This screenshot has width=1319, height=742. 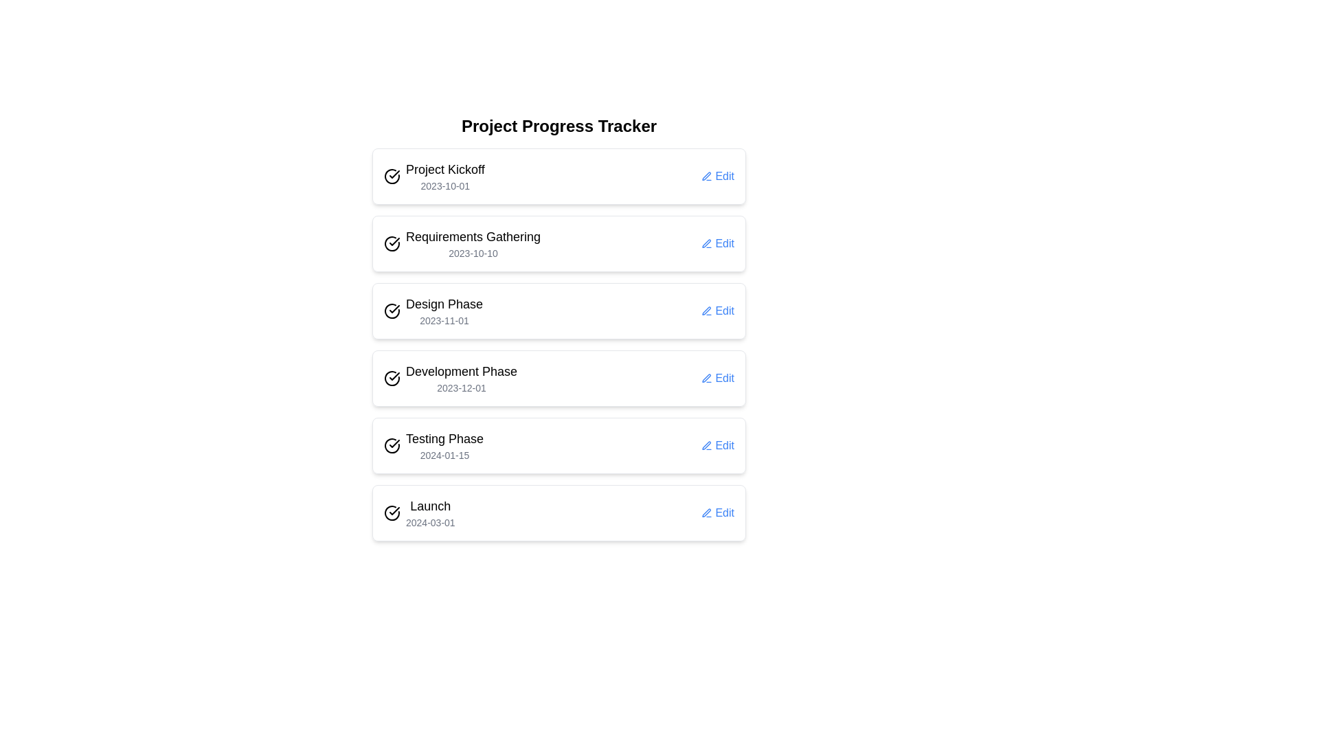 I want to click on the 'Design Phase' text label, which is styled in a larger, bold font and is located between the 'Requirements Gathering' and 'Development Phase' entries in a vertical list, so click(x=444, y=304).